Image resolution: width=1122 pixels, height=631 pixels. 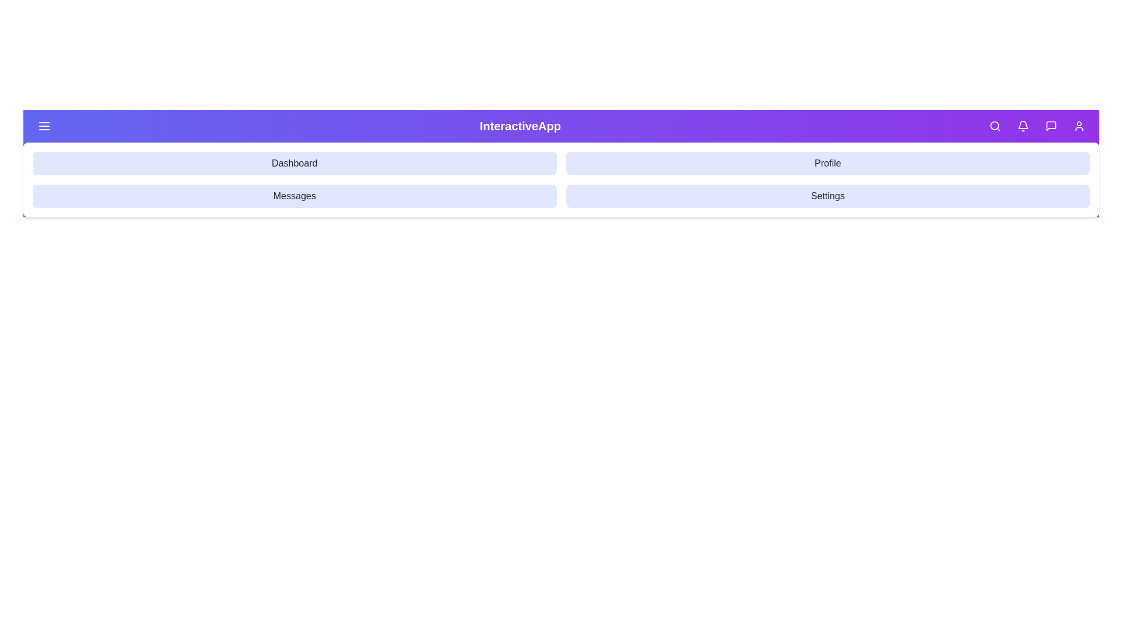 I want to click on the navigation option Profile to navigate to the corresponding section, so click(x=827, y=164).